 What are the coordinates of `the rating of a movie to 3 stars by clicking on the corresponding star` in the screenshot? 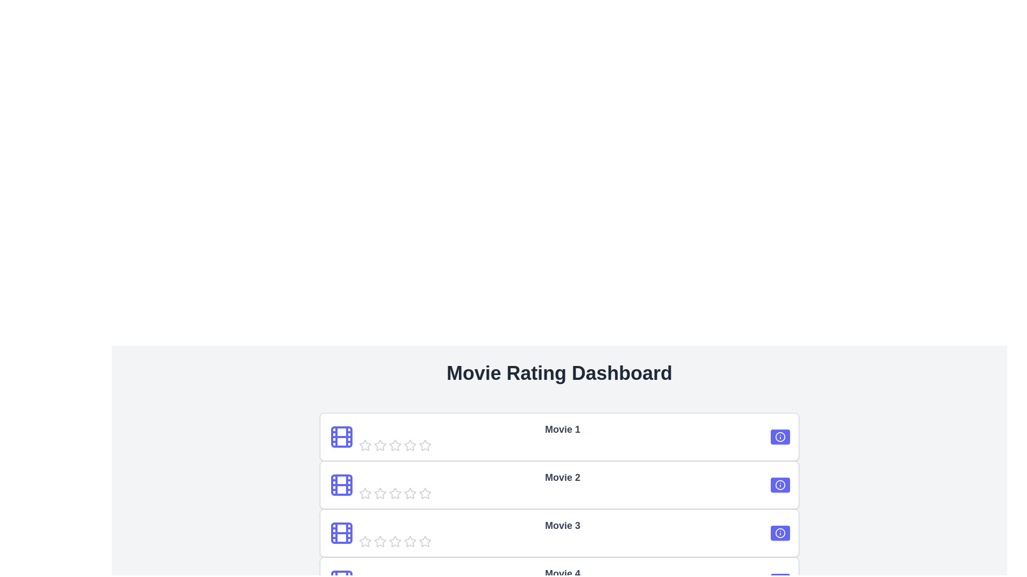 It's located at (395, 445).